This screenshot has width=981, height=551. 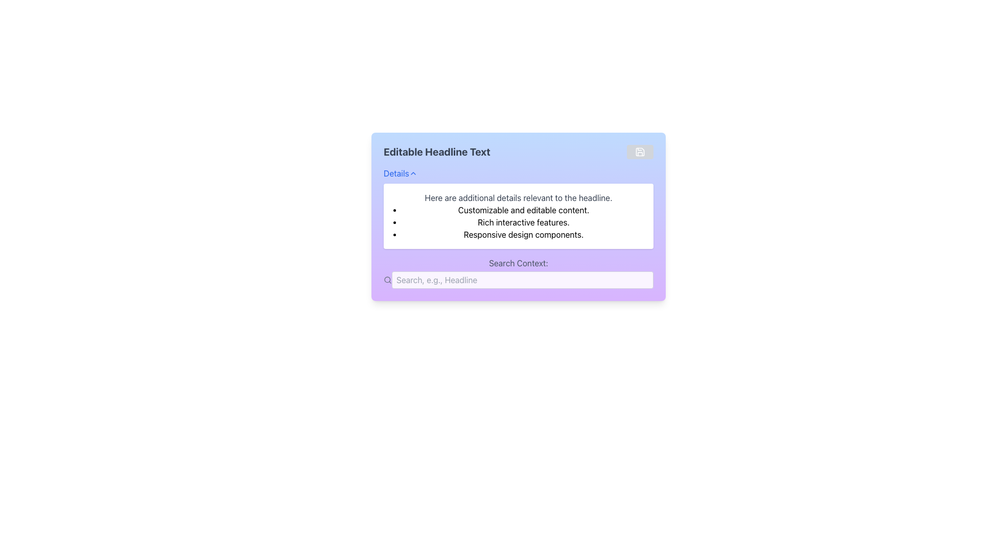 What do you see at coordinates (524, 210) in the screenshot?
I see `the text element reading 'Customizable and editable content.' which is the first item in a bulleted list below the header 'Editable Headline Text.'` at bounding box center [524, 210].